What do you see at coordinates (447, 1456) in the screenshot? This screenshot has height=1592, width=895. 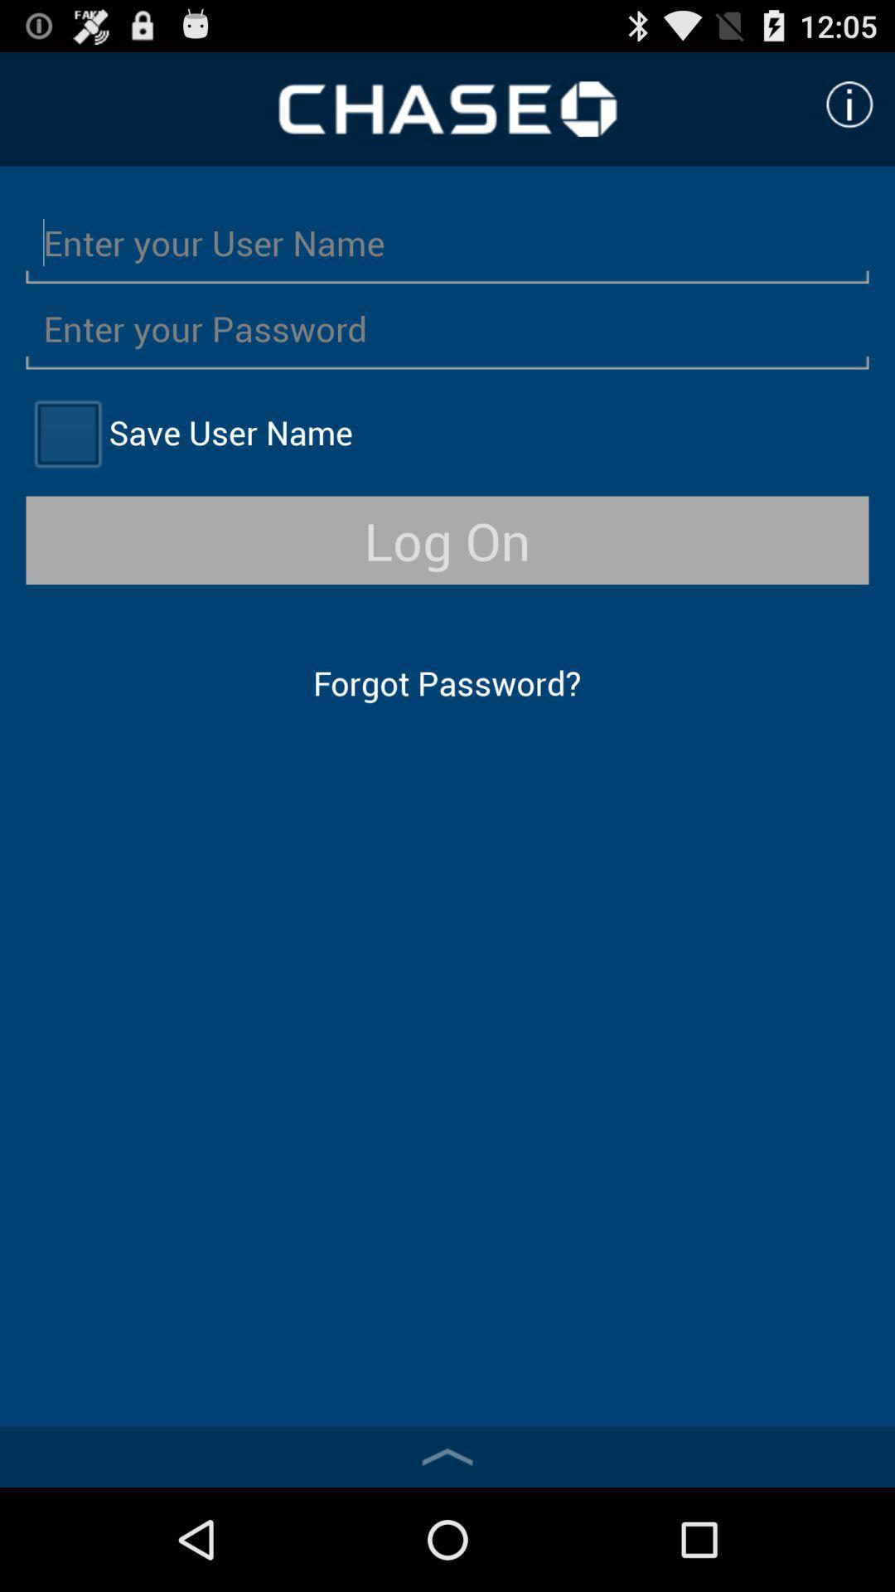 I see `icon at the bottom` at bounding box center [447, 1456].